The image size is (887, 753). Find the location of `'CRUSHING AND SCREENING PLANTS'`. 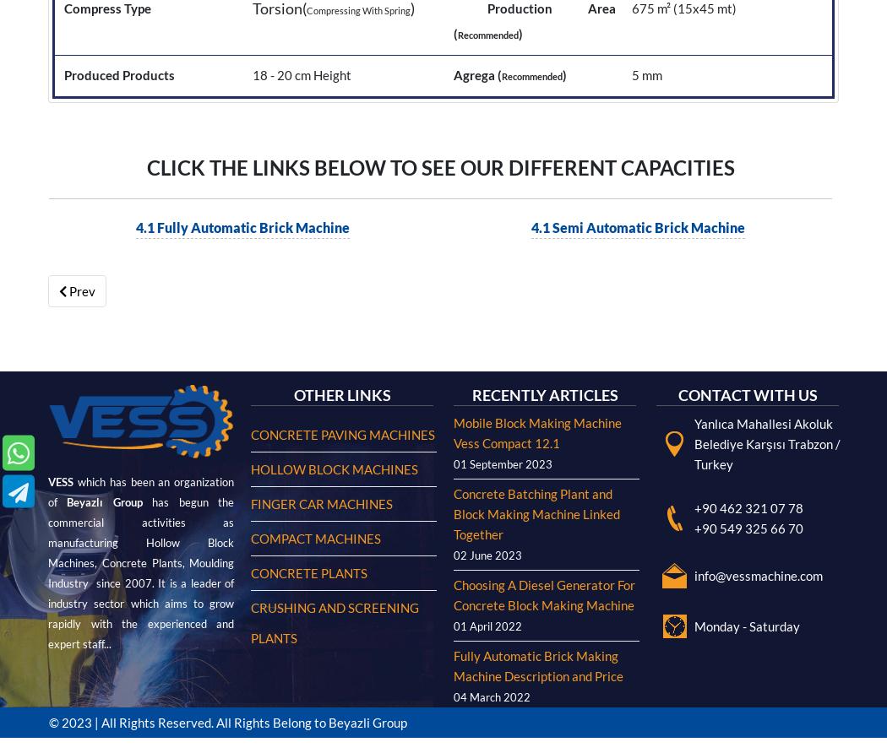

'CRUSHING AND SCREENING PLANTS' is located at coordinates (335, 81).